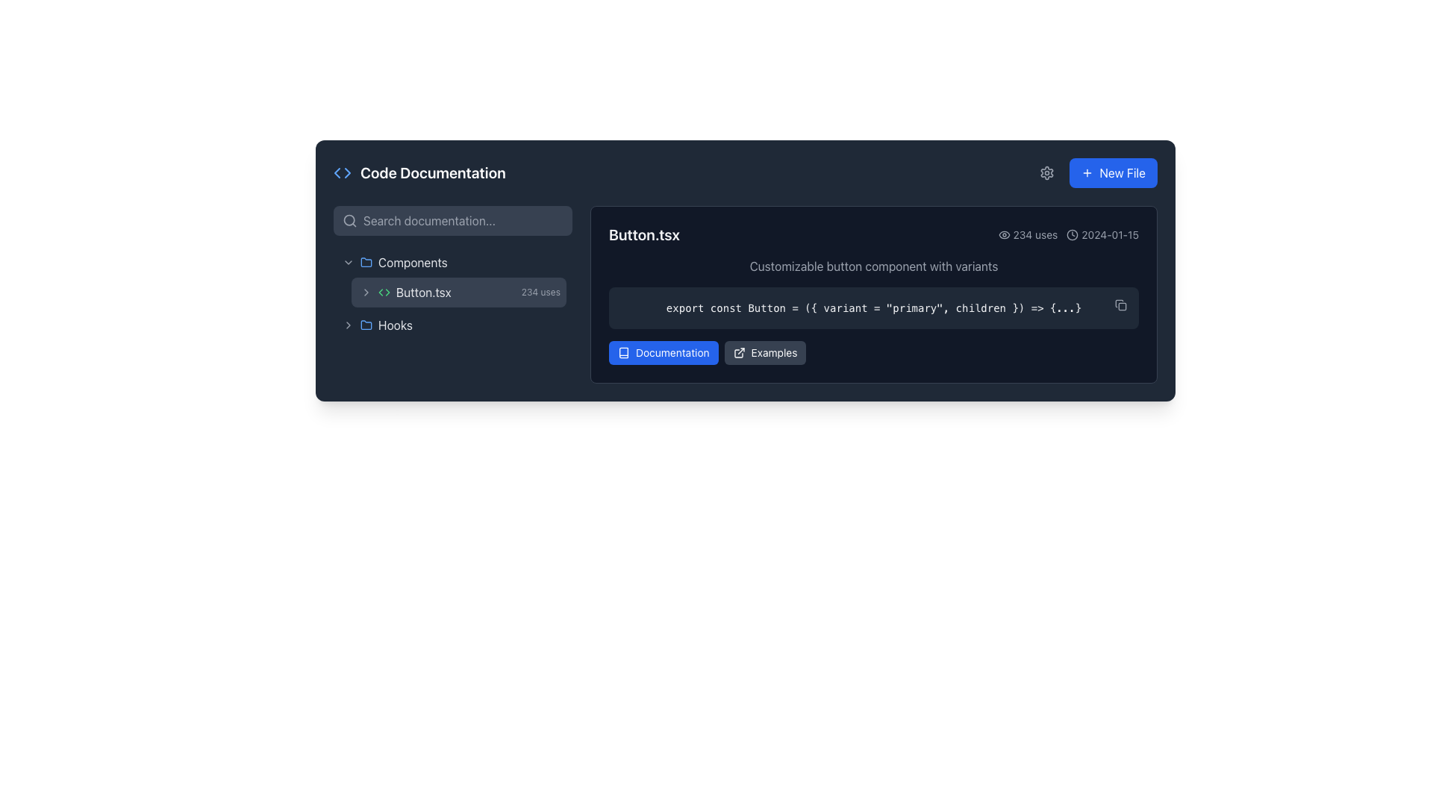 The image size is (1433, 806). I want to click on the book icon that symbolizes documentation, located to the left of the 'Documentation' text within the button element, so click(623, 353).